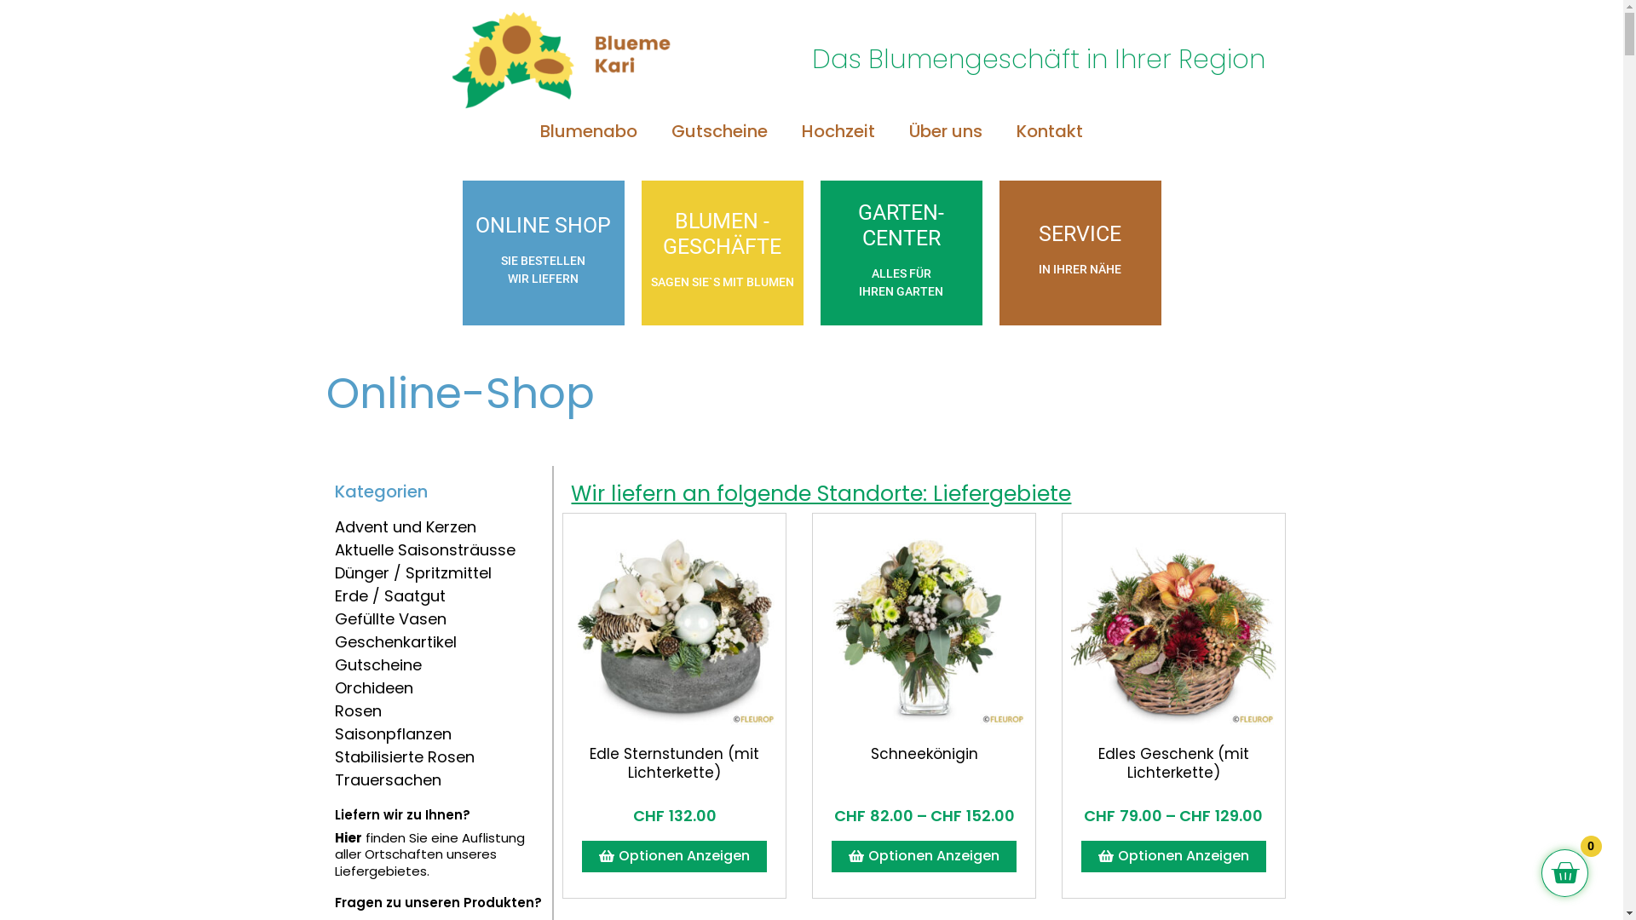 This screenshot has width=1636, height=920. I want to click on 'Advent und Kerzen', so click(404, 526).